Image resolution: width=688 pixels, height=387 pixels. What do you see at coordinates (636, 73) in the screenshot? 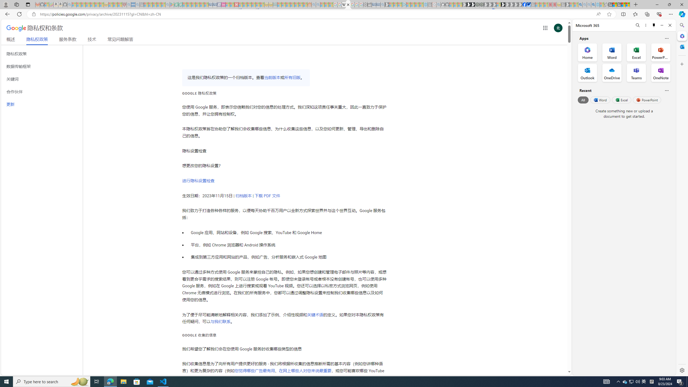
I see `'Teams Office App'` at bounding box center [636, 73].